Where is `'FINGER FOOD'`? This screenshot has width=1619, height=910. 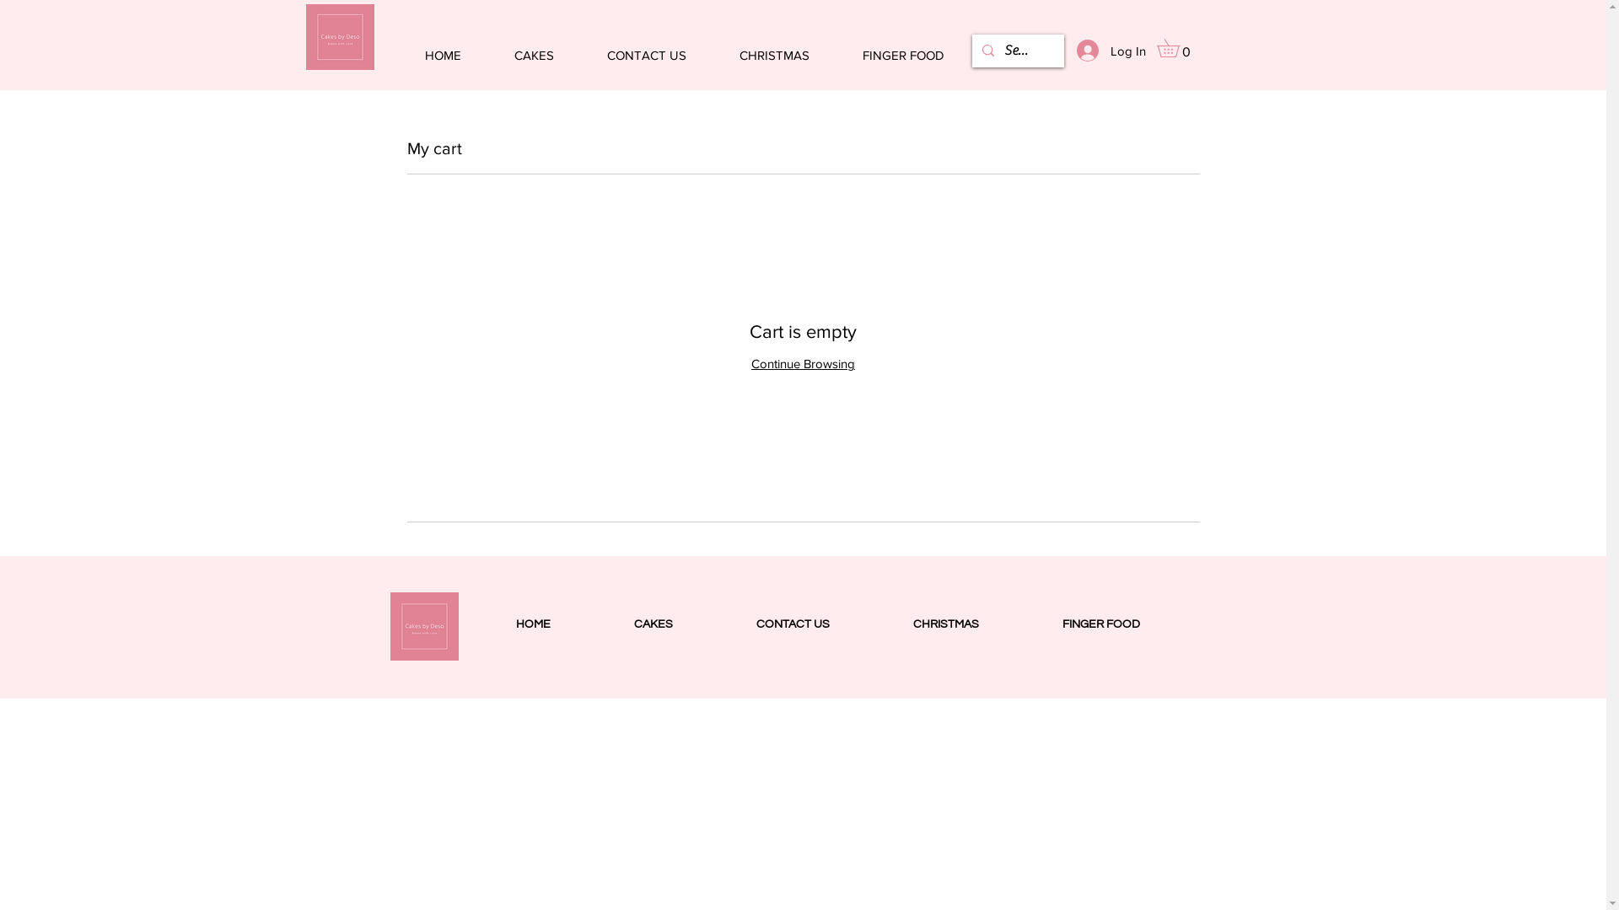 'FINGER FOOD' is located at coordinates (1100, 624).